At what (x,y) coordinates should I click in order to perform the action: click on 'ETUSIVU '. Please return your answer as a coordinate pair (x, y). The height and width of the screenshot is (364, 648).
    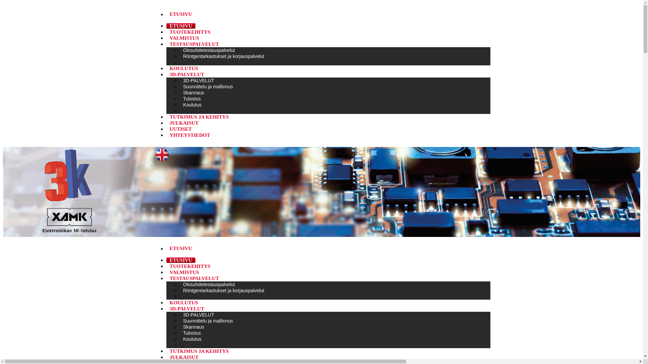
    Looking at the image, I should click on (328, 248).